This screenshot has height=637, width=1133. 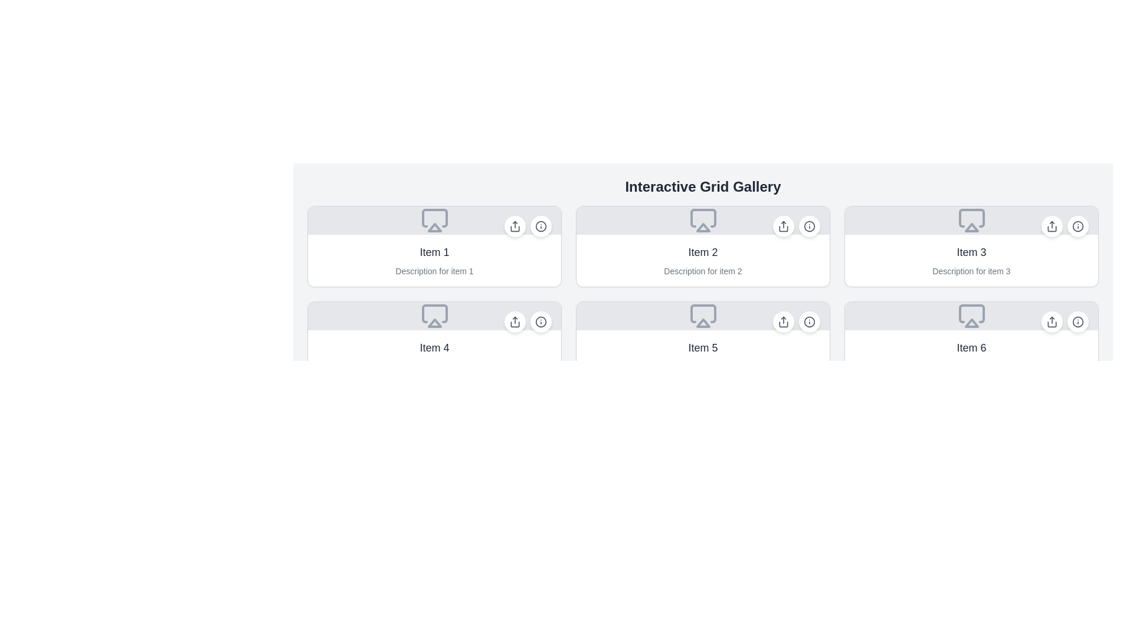 What do you see at coordinates (703, 271) in the screenshot?
I see `the descriptive text label for 'Item 2', which is located directly below its title in the second card of the top row` at bounding box center [703, 271].